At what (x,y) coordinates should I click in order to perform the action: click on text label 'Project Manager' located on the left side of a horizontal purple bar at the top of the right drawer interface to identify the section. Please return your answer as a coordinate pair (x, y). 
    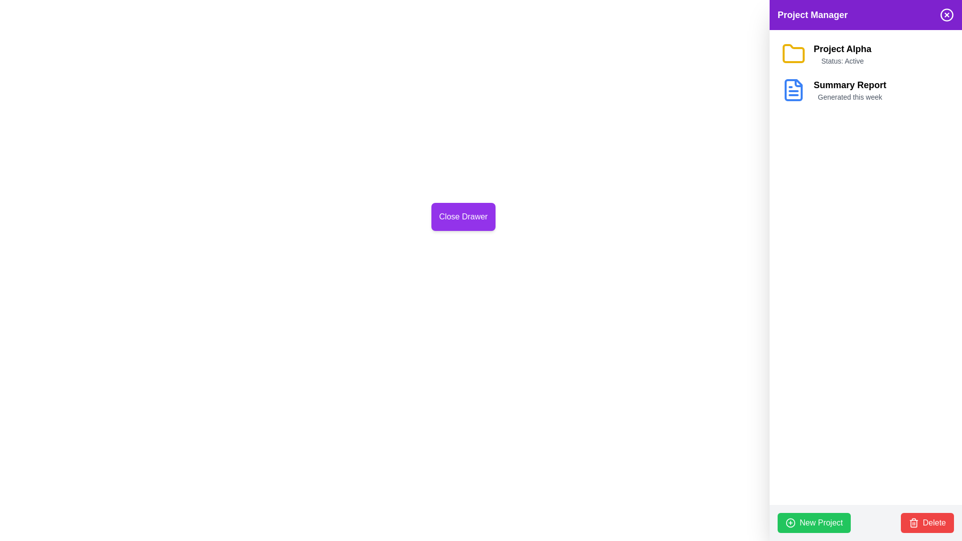
    Looking at the image, I should click on (813, 15).